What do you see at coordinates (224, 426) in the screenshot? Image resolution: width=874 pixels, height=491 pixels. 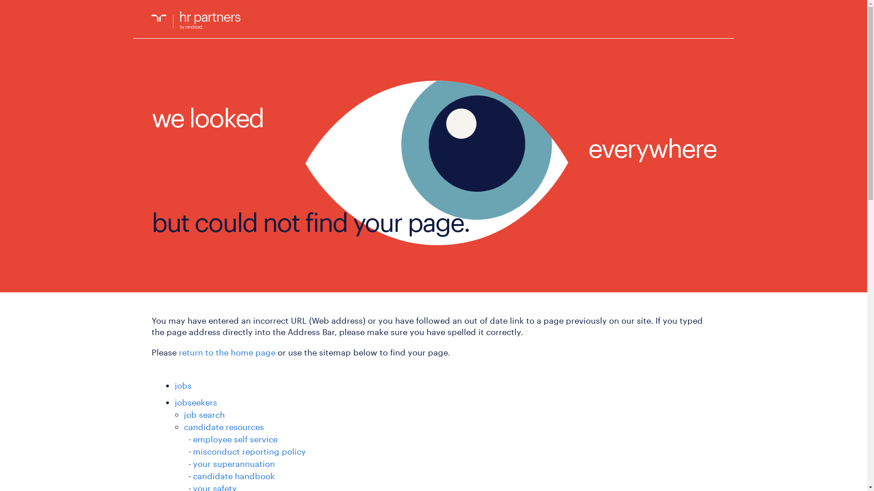 I see `'candidate resources'` at bounding box center [224, 426].